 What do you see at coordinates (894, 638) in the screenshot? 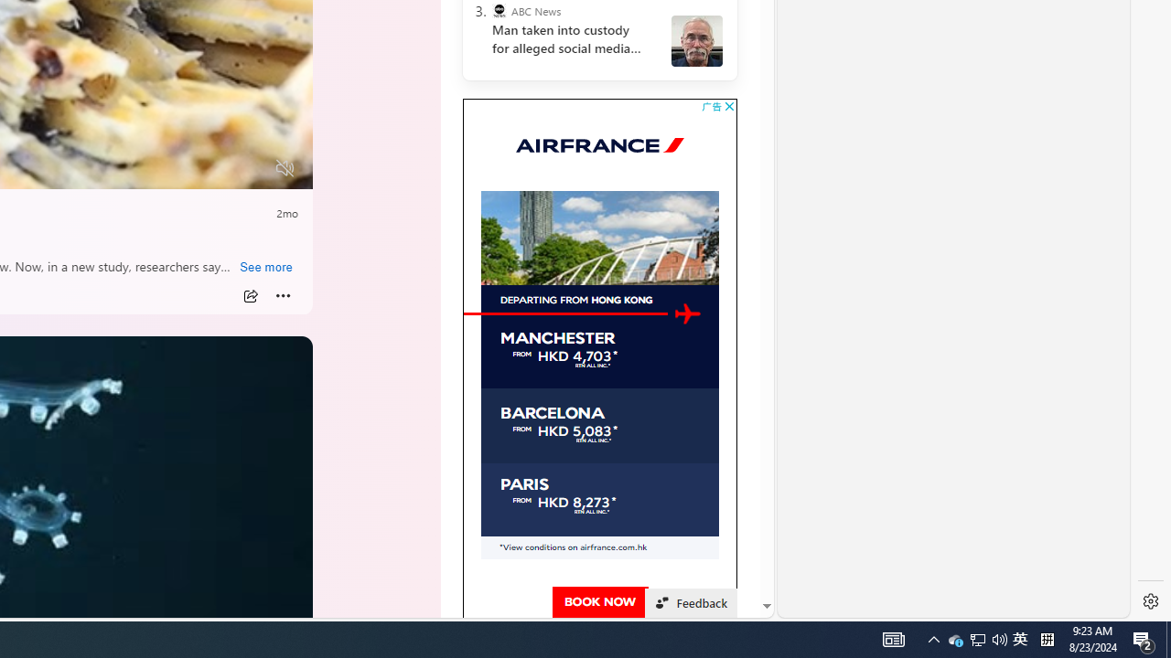
I see `'AutomationID: 4105'` at bounding box center [894, 638].